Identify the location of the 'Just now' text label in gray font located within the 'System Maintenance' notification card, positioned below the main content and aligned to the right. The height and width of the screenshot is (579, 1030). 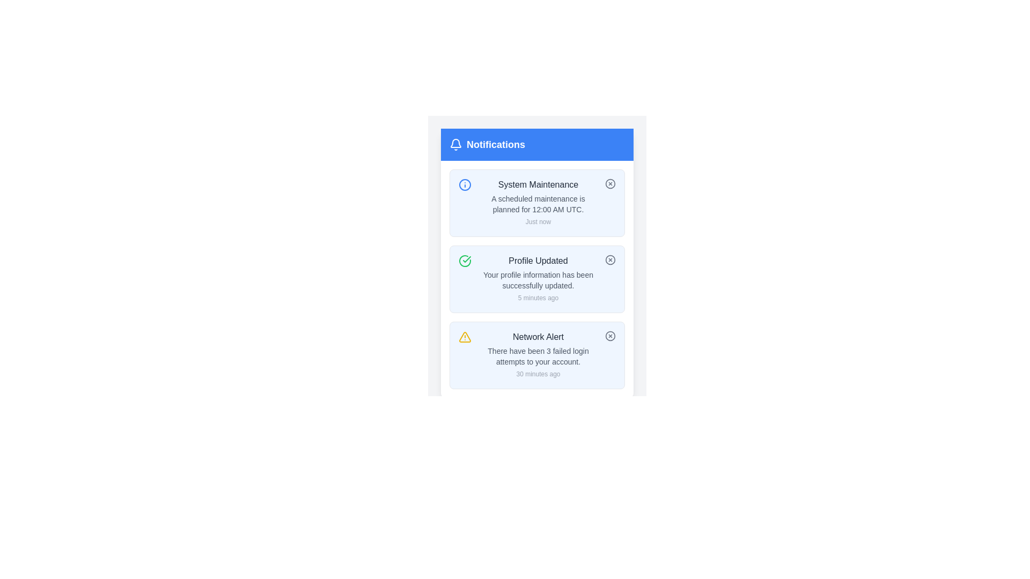
(538, 221).